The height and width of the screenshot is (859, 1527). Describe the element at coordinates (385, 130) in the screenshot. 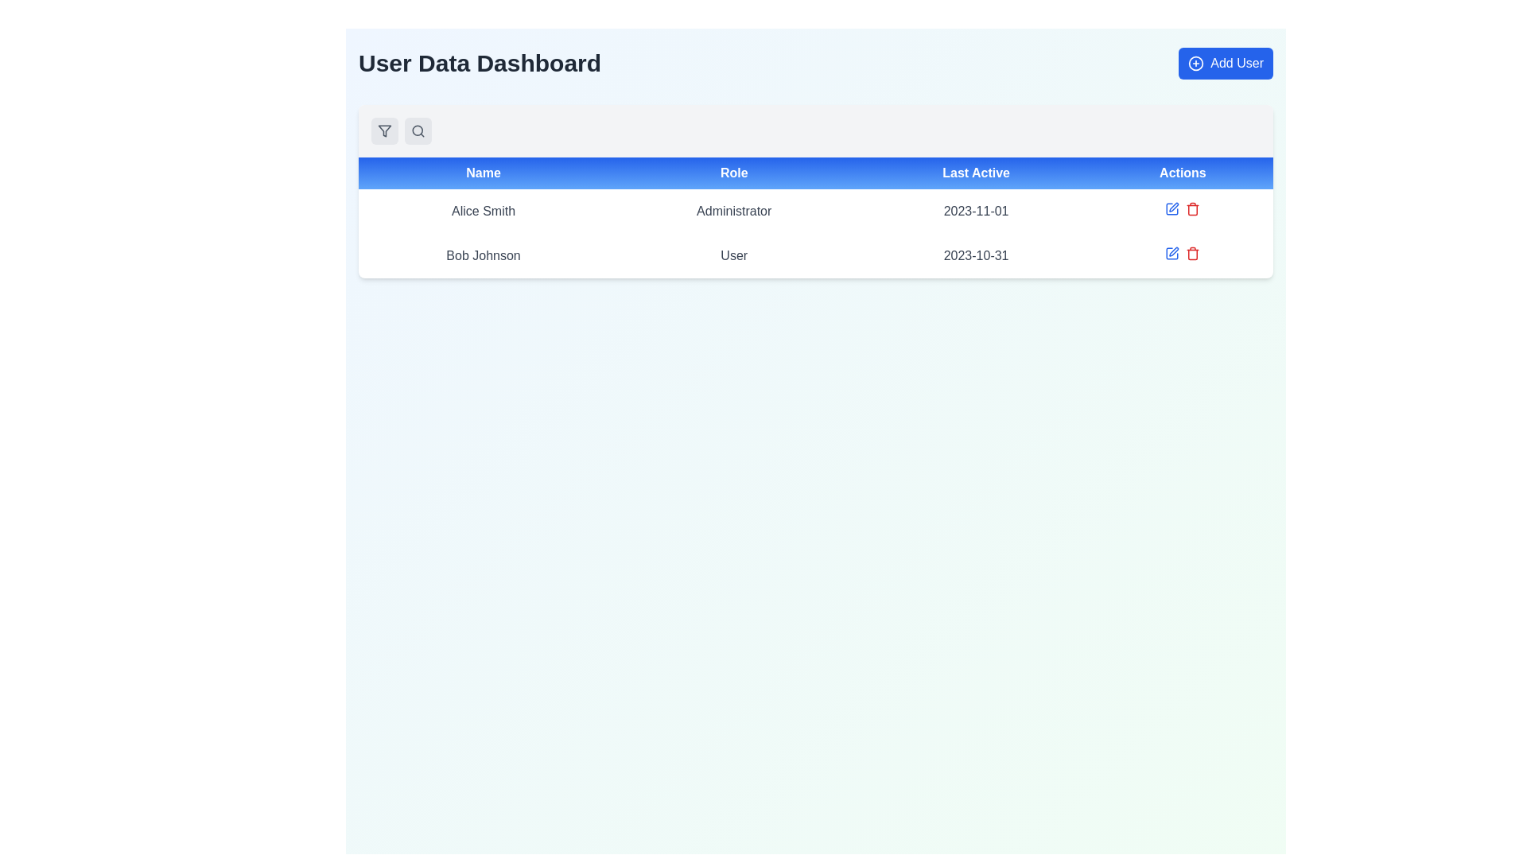

I see `the filtering SVG icon located in the menu bar area` at that location.